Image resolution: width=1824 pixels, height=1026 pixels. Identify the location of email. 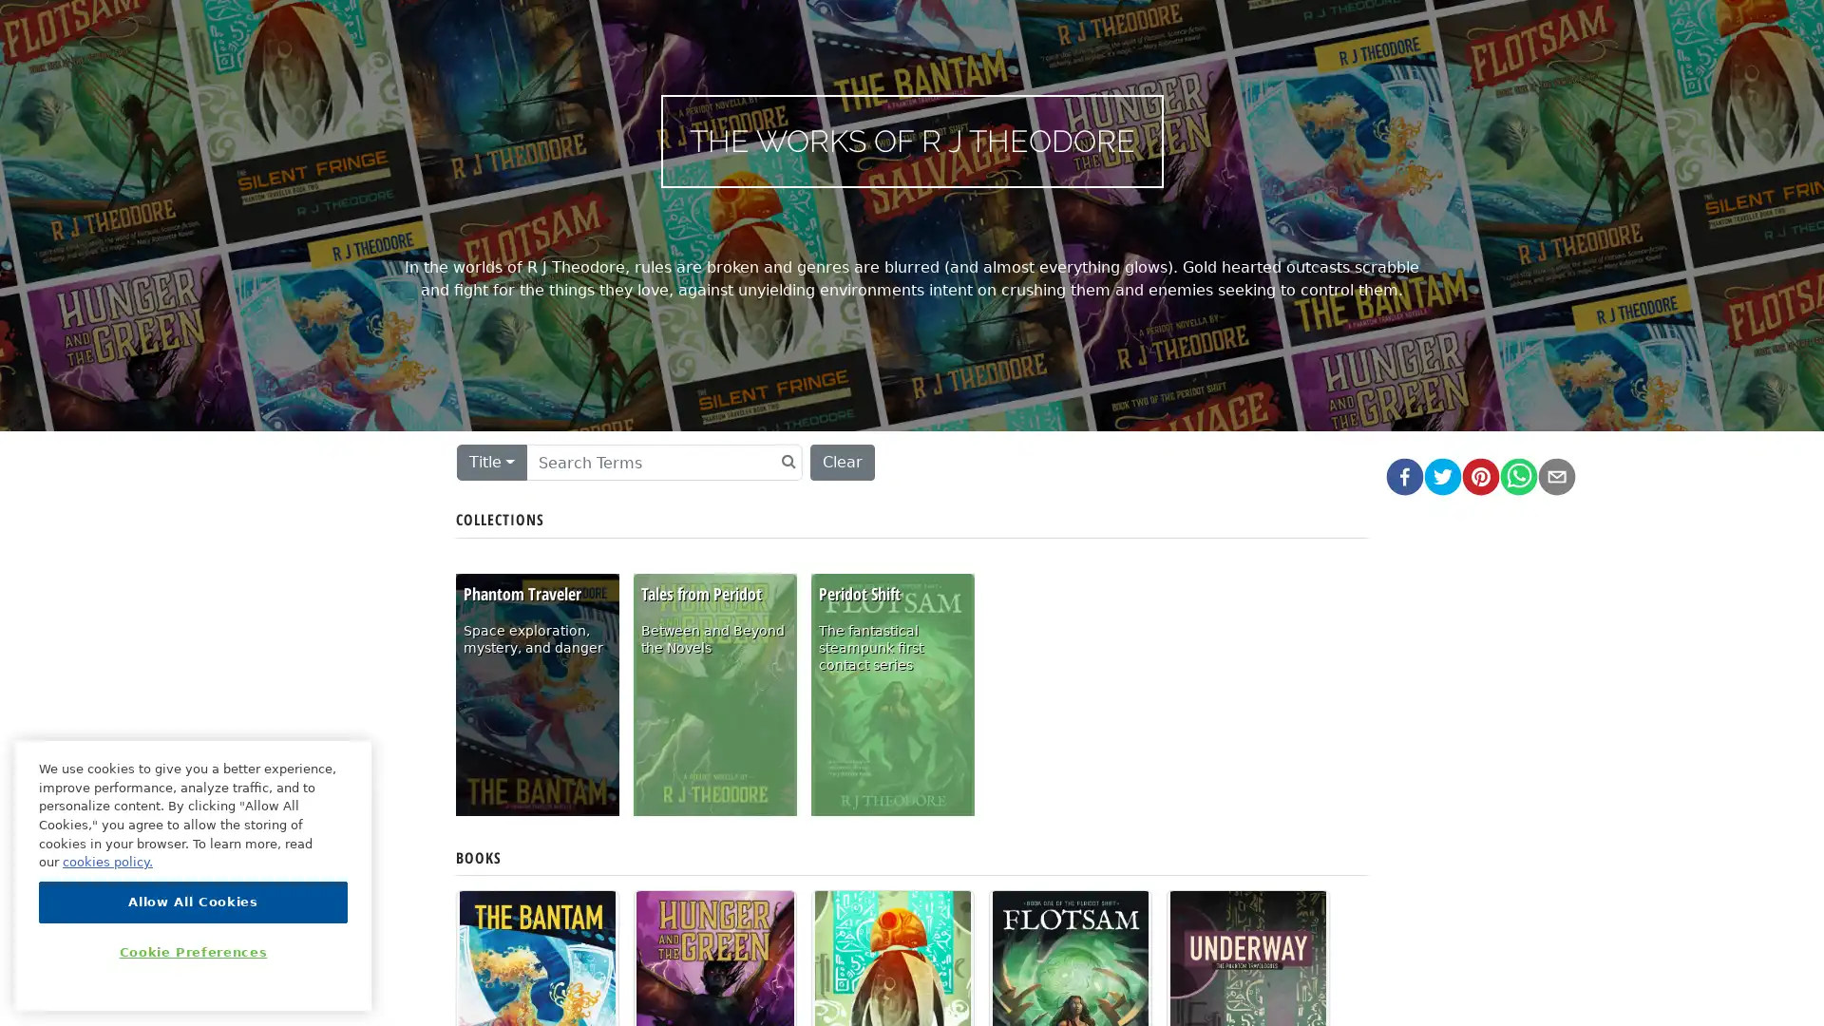
(1555, 474).